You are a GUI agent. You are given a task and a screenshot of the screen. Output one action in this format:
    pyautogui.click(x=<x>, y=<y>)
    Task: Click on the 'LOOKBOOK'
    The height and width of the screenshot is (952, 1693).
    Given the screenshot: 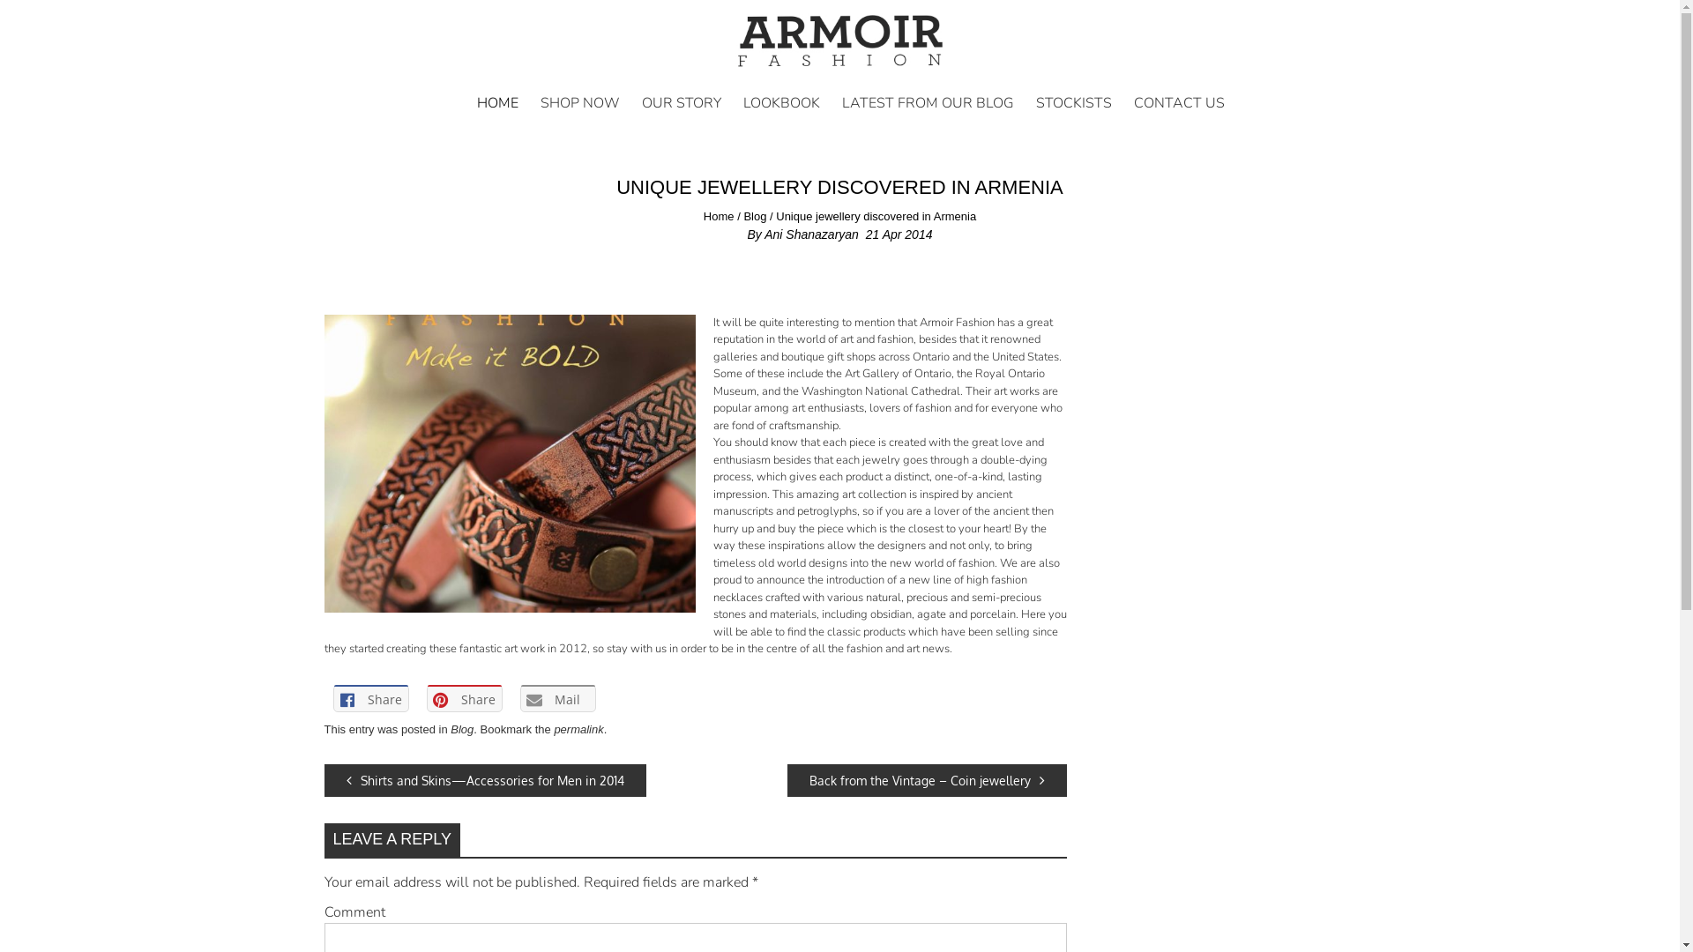 What is the action you would take?
    pyautogui.click(x=780, y=102)
    